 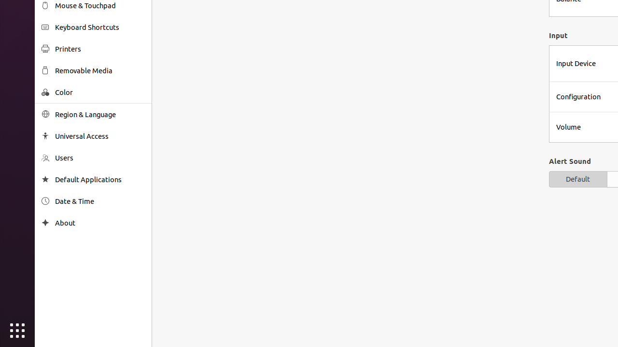 What do you see at coordinates (99, 70) in the screenshot?
I see `'Removable Media'` at bounding box center [99, 70].